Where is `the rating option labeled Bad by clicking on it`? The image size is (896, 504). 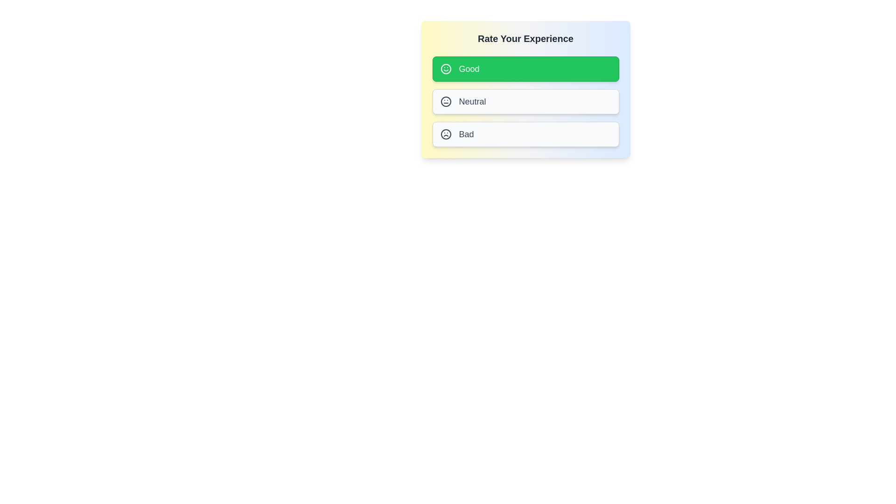 the rating option labeled Bad by clicking on it is located at coordinates (525, 134).